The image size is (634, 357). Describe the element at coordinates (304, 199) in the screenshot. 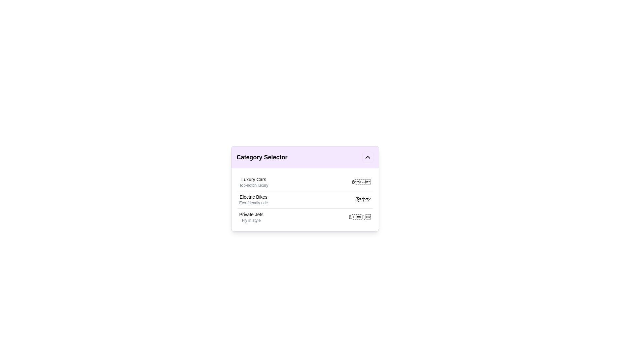

I see `the list item titled 'Electric Bikes' in the 'Category Selector'` at that location.